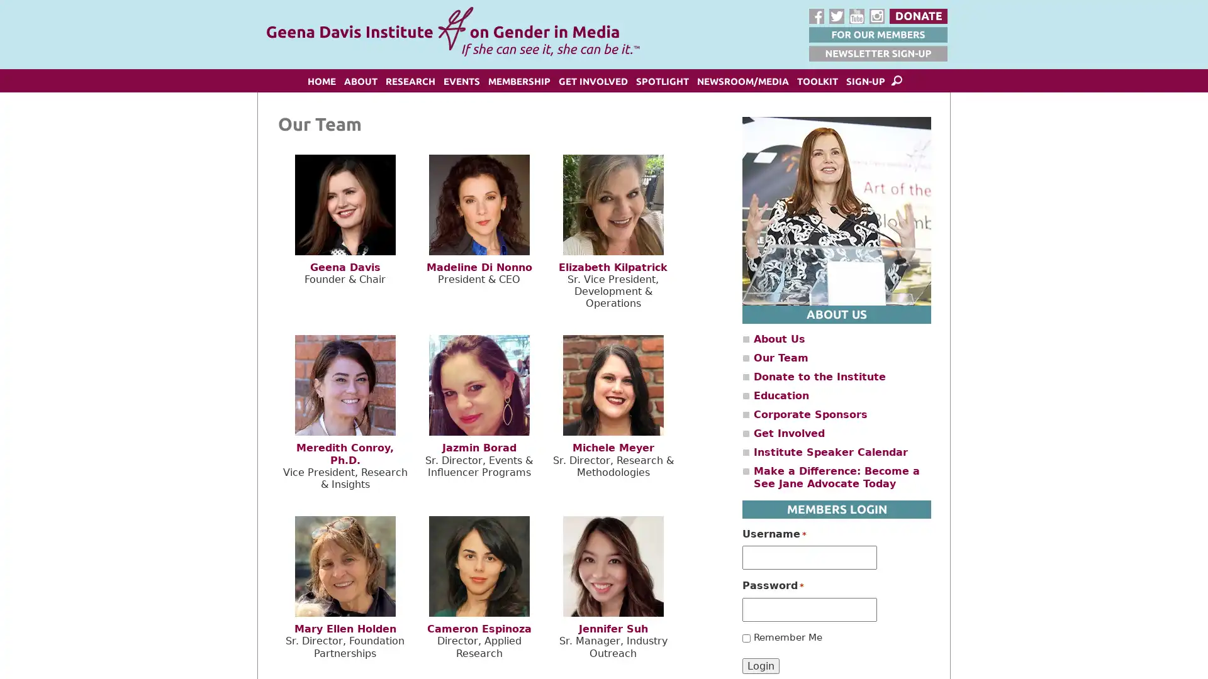  What do you see at coordinates (760, 665) in the screenshot?
I see `Login` at bounding box center [760, 665].